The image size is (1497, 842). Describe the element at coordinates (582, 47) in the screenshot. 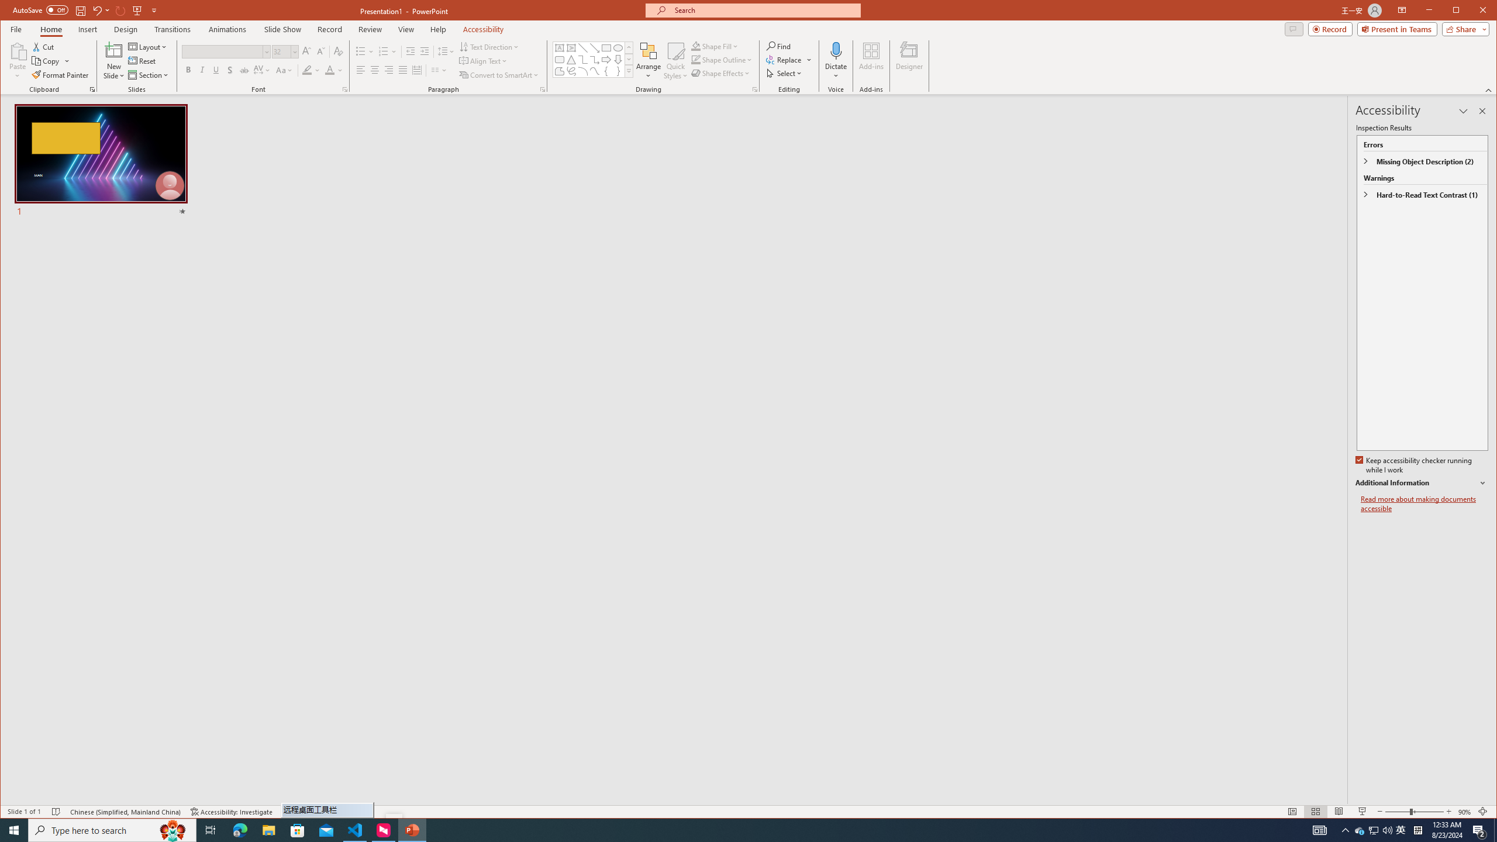

I see `'Line'` at that location.